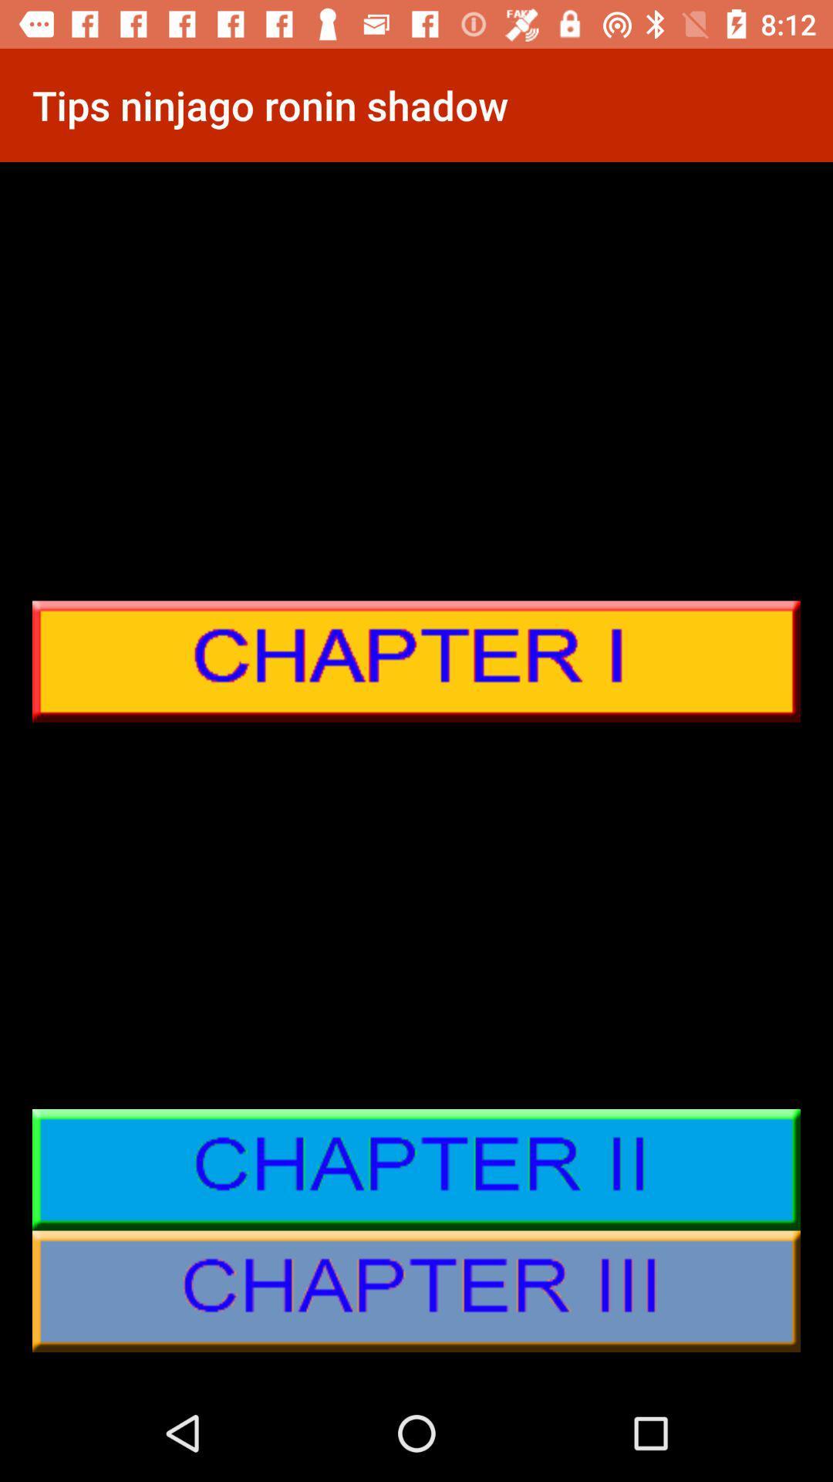  What do you see at coordinates (416, 1169) in the screenshot?
I see `select option` at bounding box center [416, 1169].